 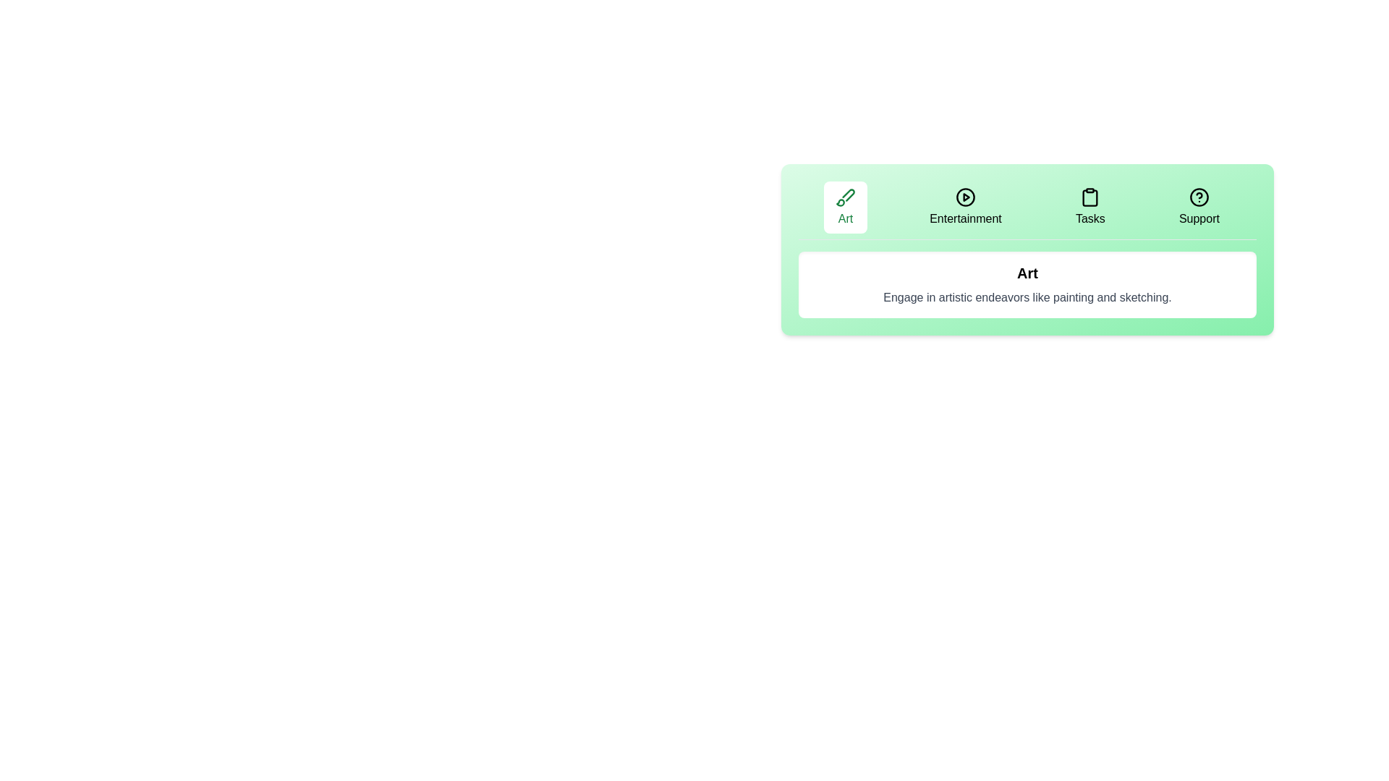 What do you see at coordinates (965, 207) in the screenshot?
I see `the button labeled 'Entertainment' with a circular play symbol above it in the navigation bar` at bounding box center [965, 207].